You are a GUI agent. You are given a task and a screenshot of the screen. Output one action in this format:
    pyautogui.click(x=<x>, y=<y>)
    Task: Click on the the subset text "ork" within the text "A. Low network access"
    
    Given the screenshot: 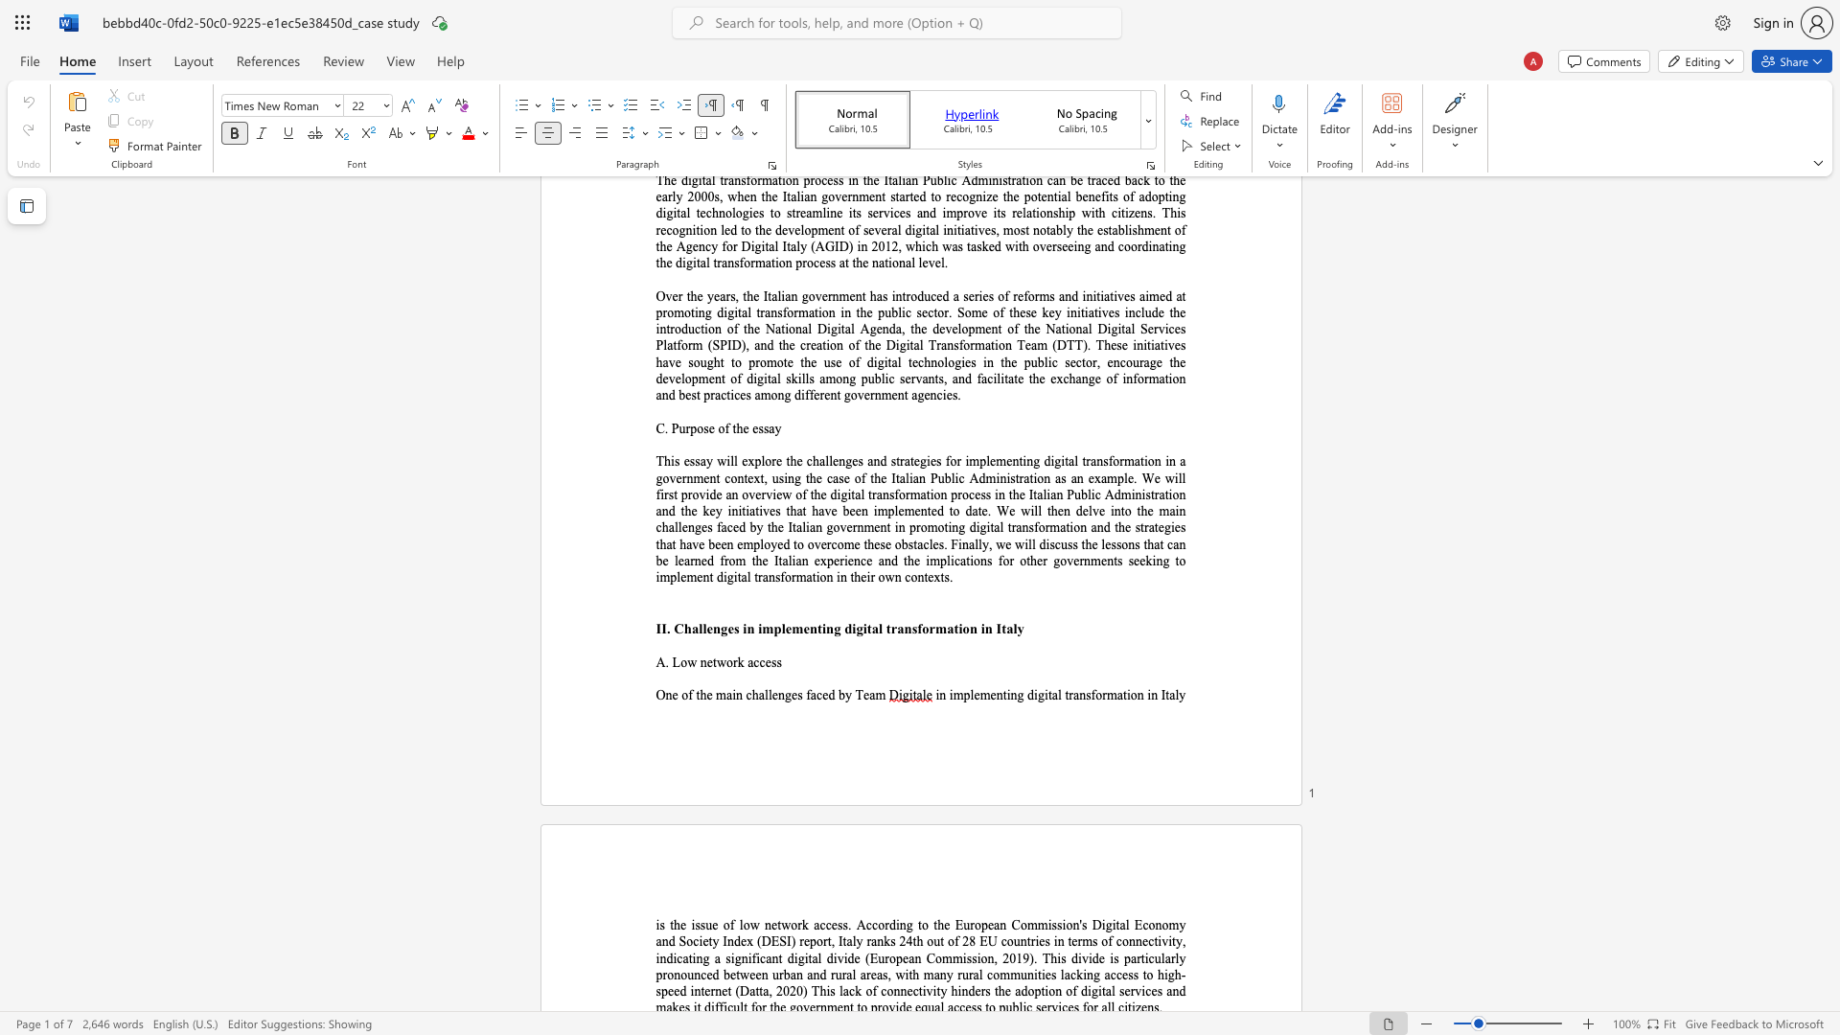 What is the action you would take?
    pyautogui.click(x=725, y=661)
    